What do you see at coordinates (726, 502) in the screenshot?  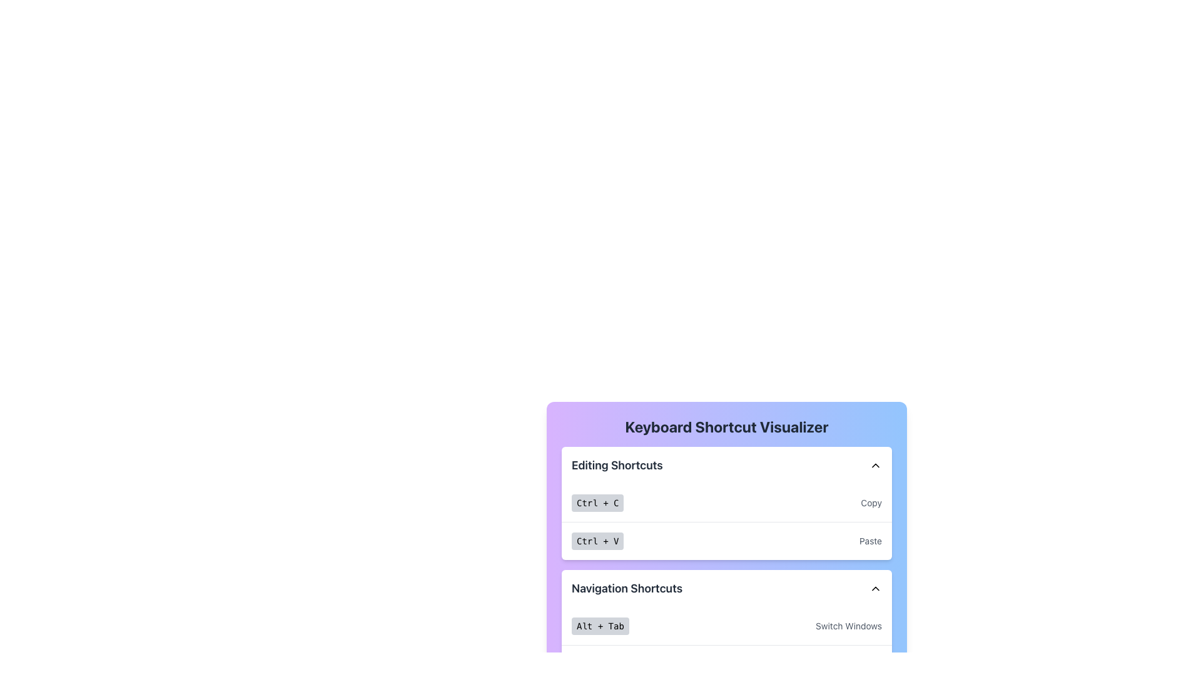 I see `the keyboard shortcut list item containing 'Ctrl + C', which is styled with a gray rounded rectangle and is the first item under 'Editing Shortcuts'` at bounding box center [726, 502].